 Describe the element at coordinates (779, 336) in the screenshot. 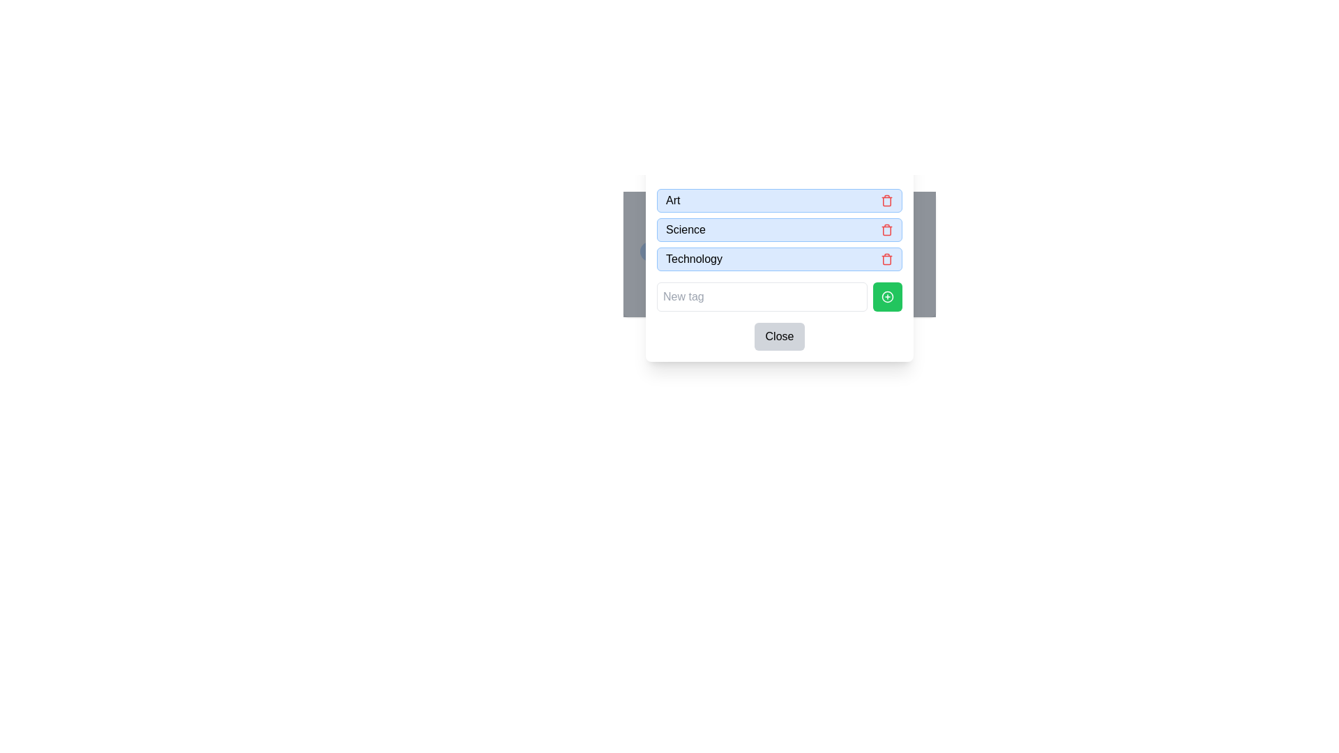

I see `the 'Close' button, which is a rectangular button with bold black text on a light gray background, located at the center bottom of the modal window` at that location.